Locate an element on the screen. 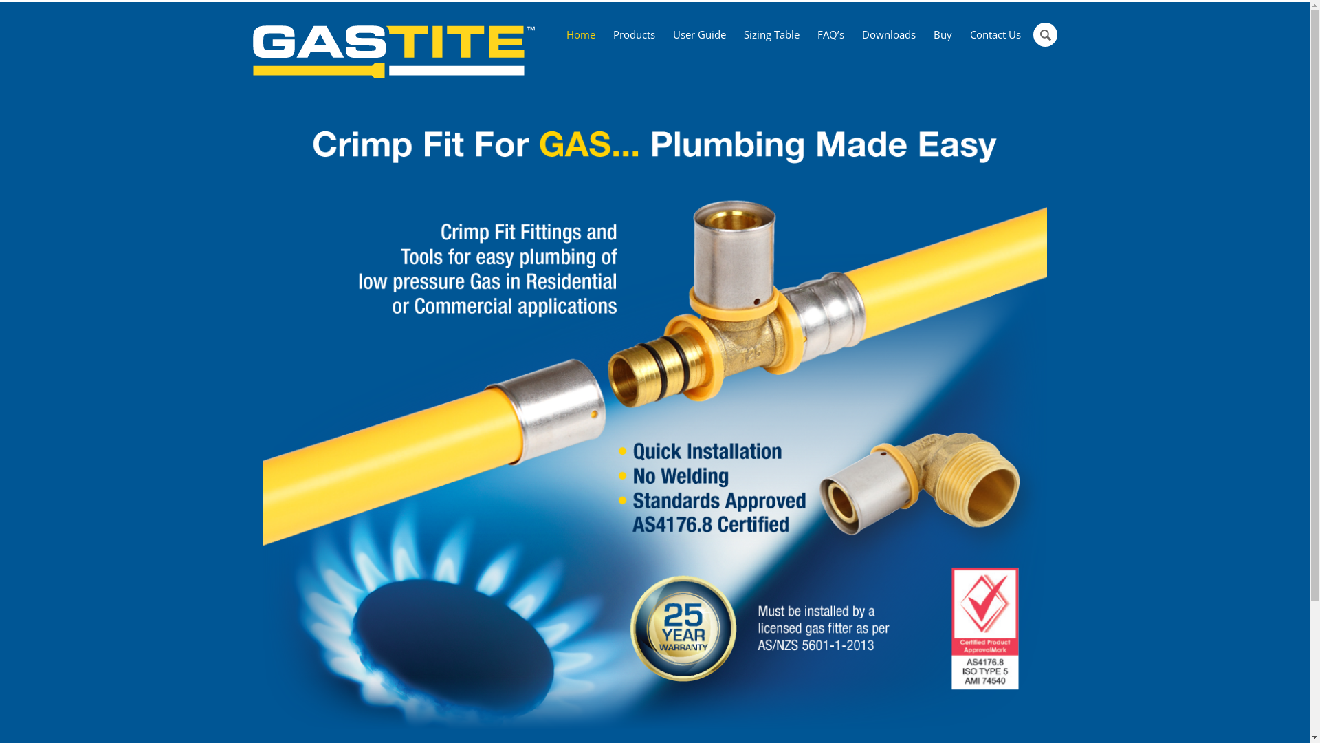  'User Guide' is located at coordinates (663, 31).